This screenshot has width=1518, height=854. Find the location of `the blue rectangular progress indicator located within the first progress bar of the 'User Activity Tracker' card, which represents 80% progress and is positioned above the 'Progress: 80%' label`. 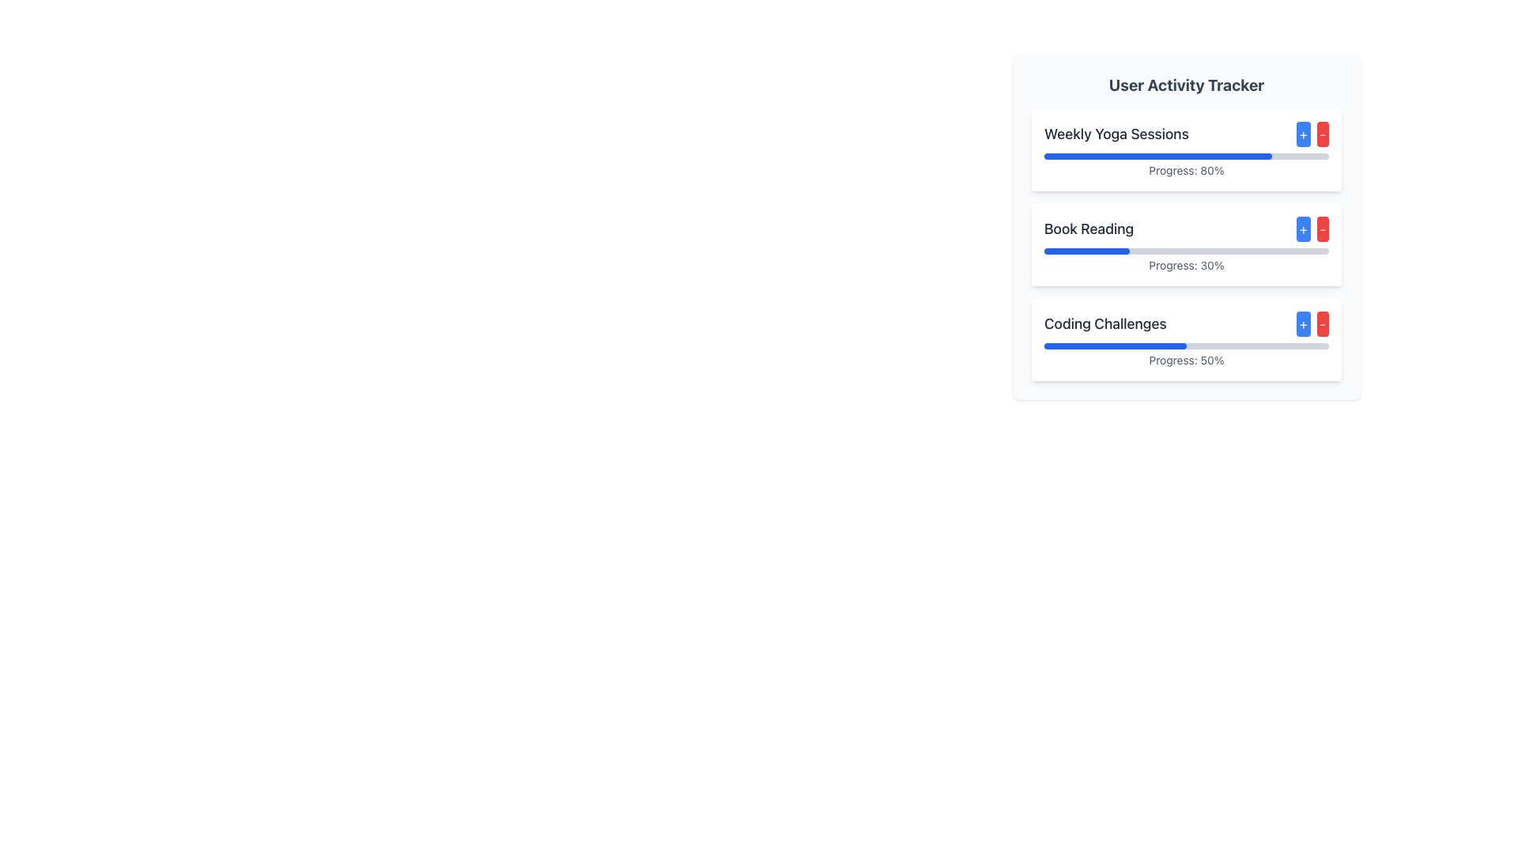

the blue rectangular progress indicator located within the first progress bar of the 'User Activity Tracker' card, which represents 80% progress and is positioned above the 'Progress: 80%' label is located at coordinates (1157, 156).